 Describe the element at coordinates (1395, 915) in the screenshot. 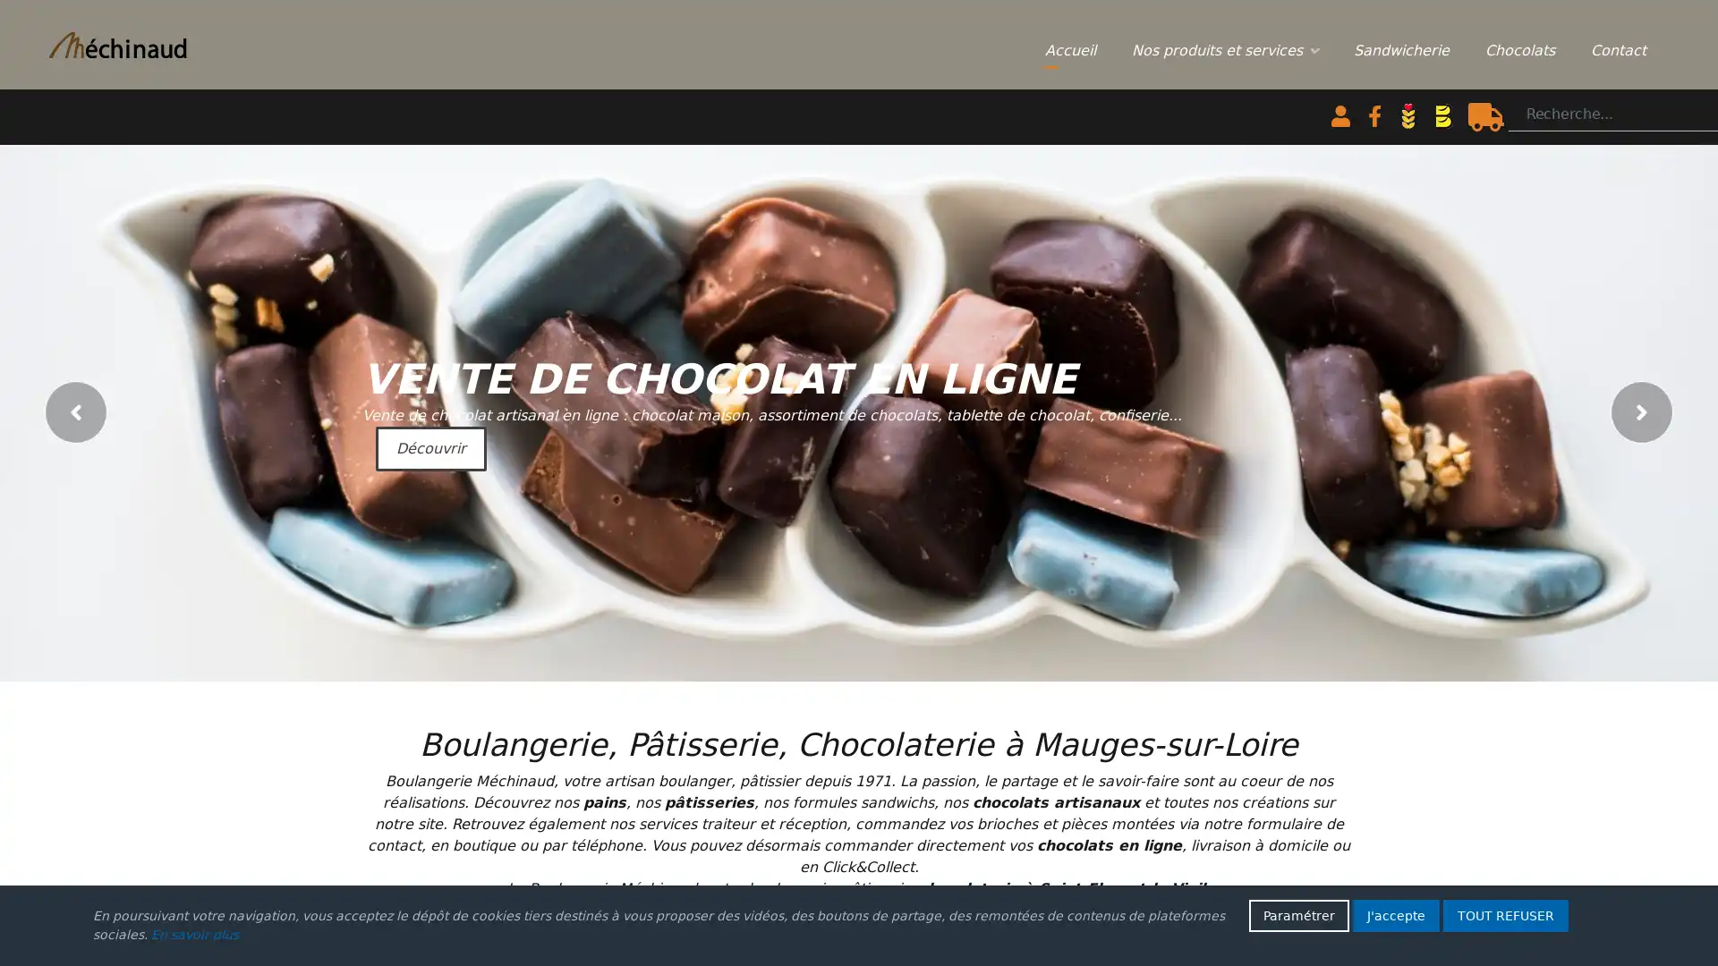

I see `J'accepte` at that location.